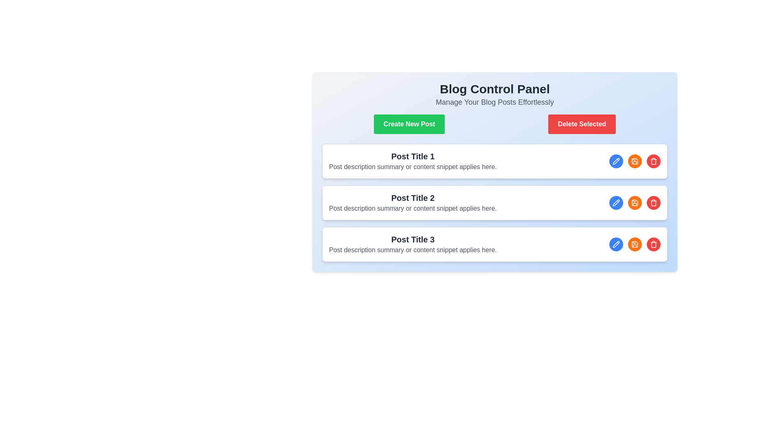 The image size is (782, 440). What do you see at coordinates (635, 244) in the screenshot?
I see `the 'Save' button, which is the middle button in a row of three action buttons (Edit, Save, Delete)` at bounding box center [635, 244].